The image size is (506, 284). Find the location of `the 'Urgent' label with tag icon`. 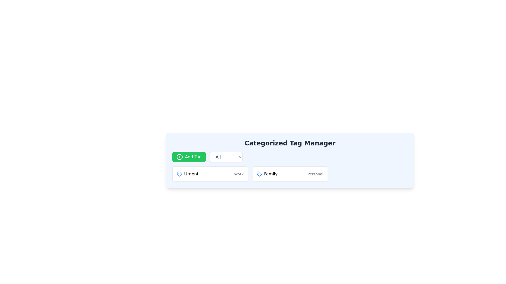

the 'Urgent' label with tag icon is located at coordinates (188, 174).